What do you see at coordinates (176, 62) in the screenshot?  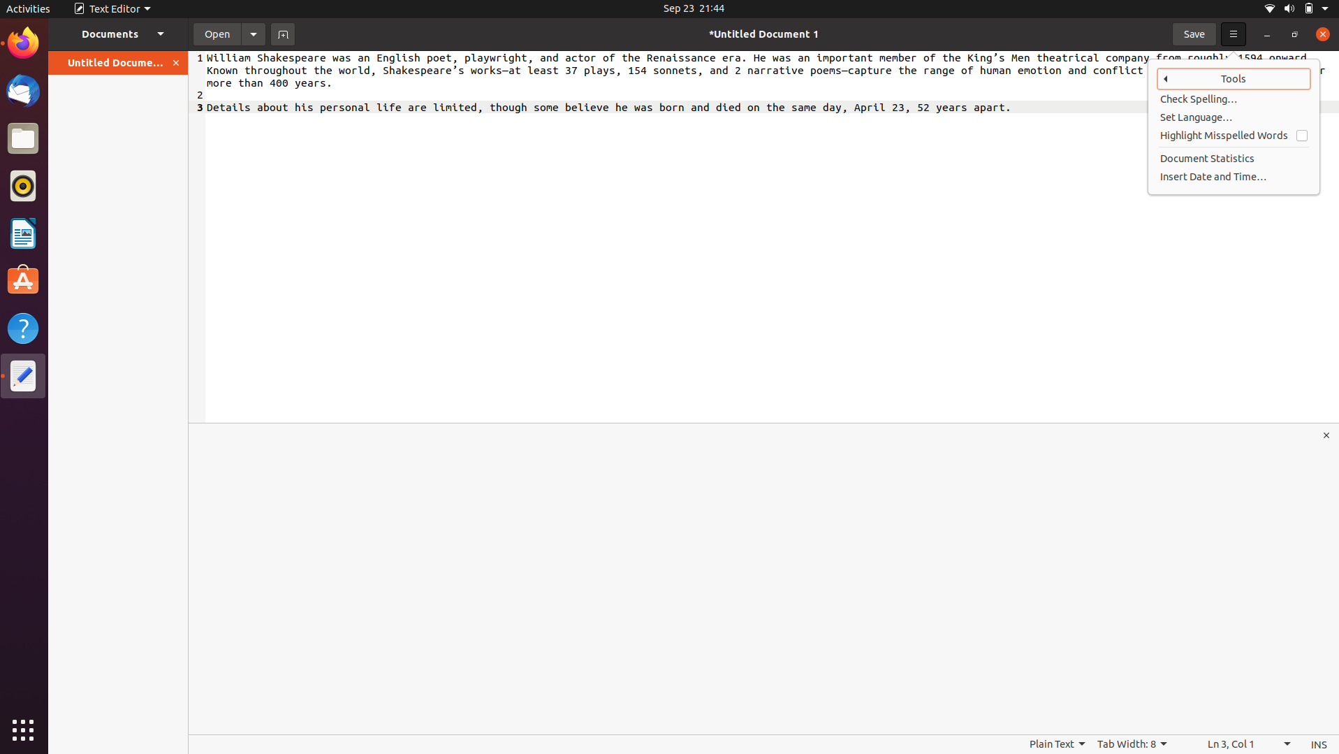 I see `To close the document, select the orange button from the left side panel` at bounding box center [176, 62].